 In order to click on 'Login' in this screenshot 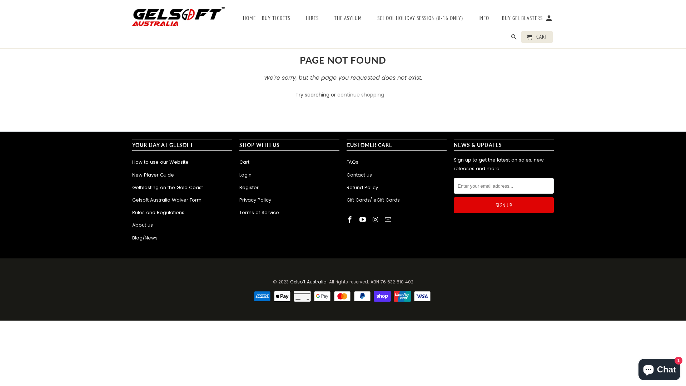, I will do `click(245, 175)`.